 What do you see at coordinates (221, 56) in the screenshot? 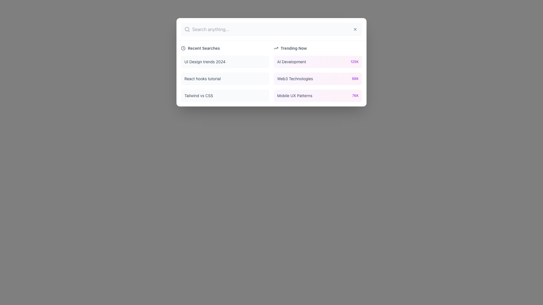
I see `the clickable list item displaying 'UI Design trends 2024'` at bounding box center [221, 56].